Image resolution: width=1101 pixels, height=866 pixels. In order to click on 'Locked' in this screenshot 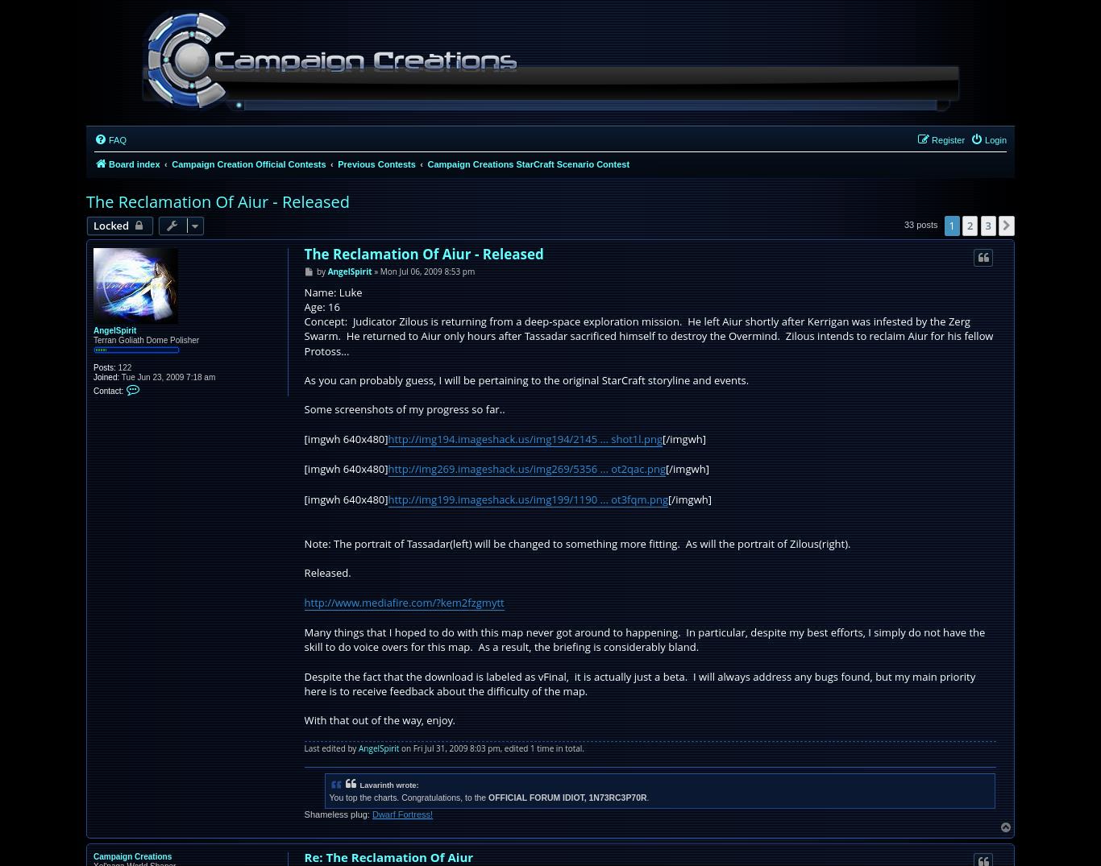, I will do `click(110, 226)`.